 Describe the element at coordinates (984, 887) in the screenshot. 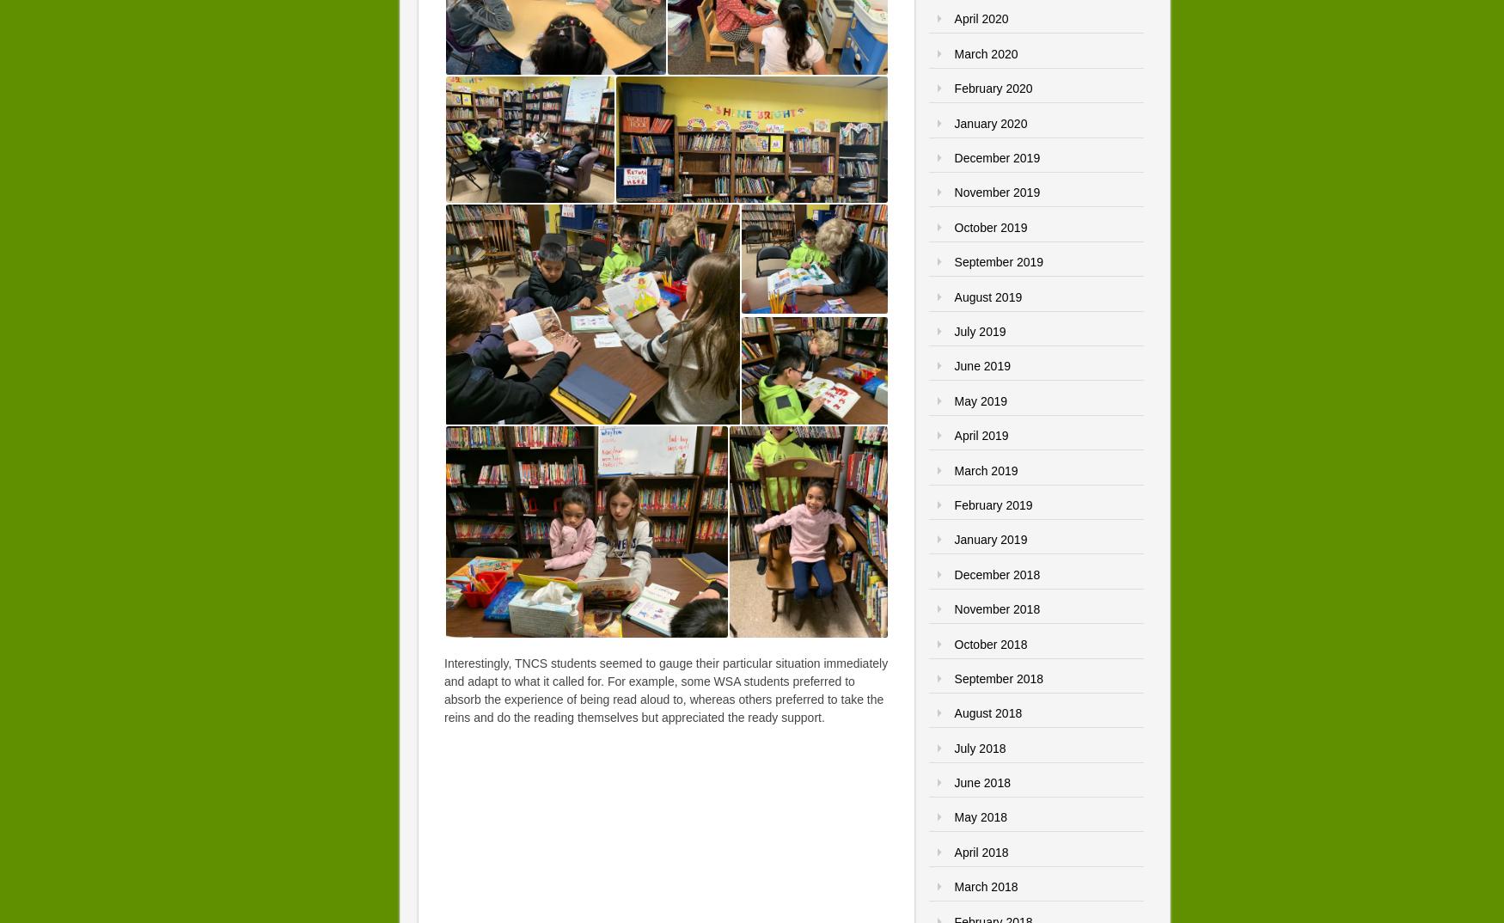

I see `'March 2018'` at that location.